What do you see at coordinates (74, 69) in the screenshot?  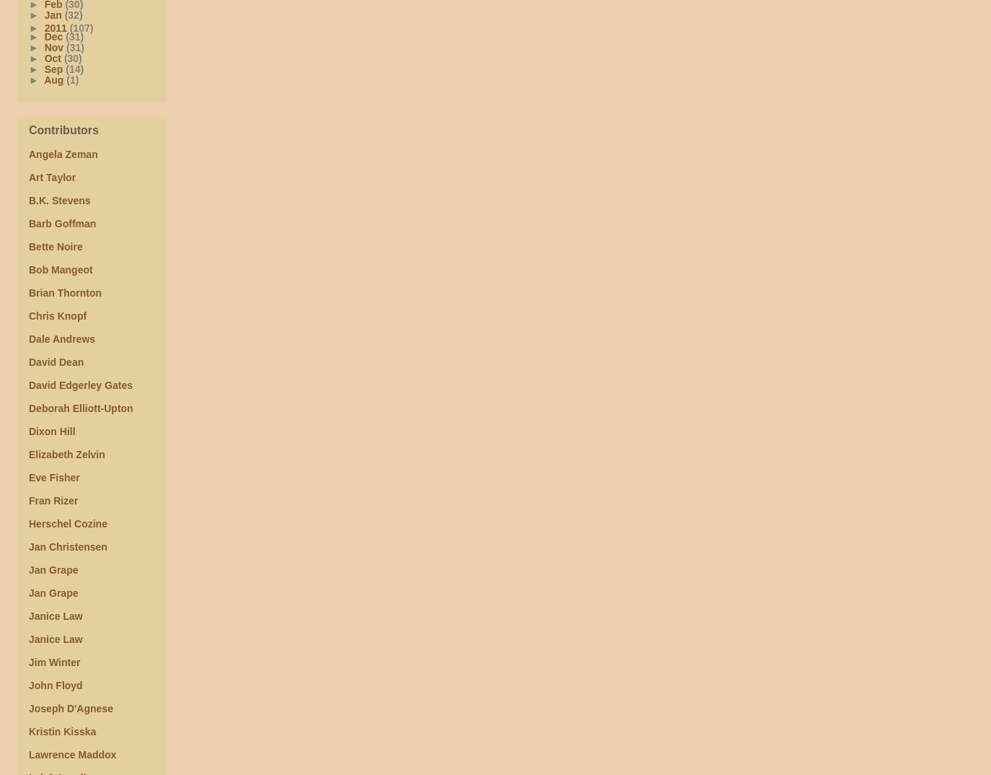 I see `'(14)'` at bounding box center [74, 69].